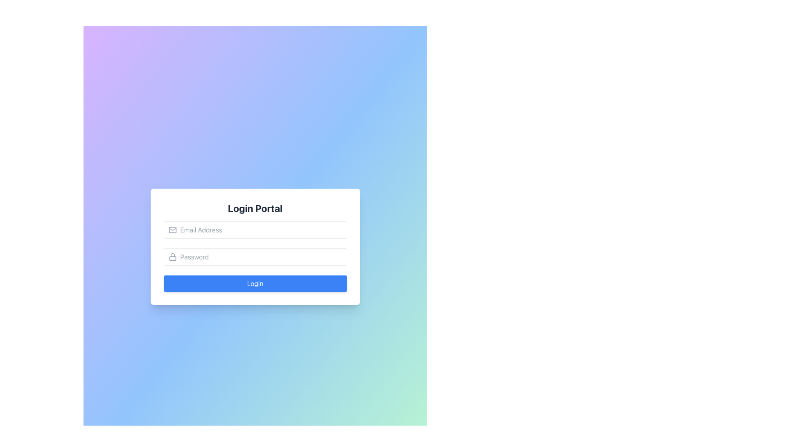 This screenshot has height=442, width=786. What do you see at coordinates (172, 257) in the screenshot?
I see `the lock icon located at the leftmost side of the password input field in the login form, which visually indicates secure data entry` at bounding box center [172, 257].